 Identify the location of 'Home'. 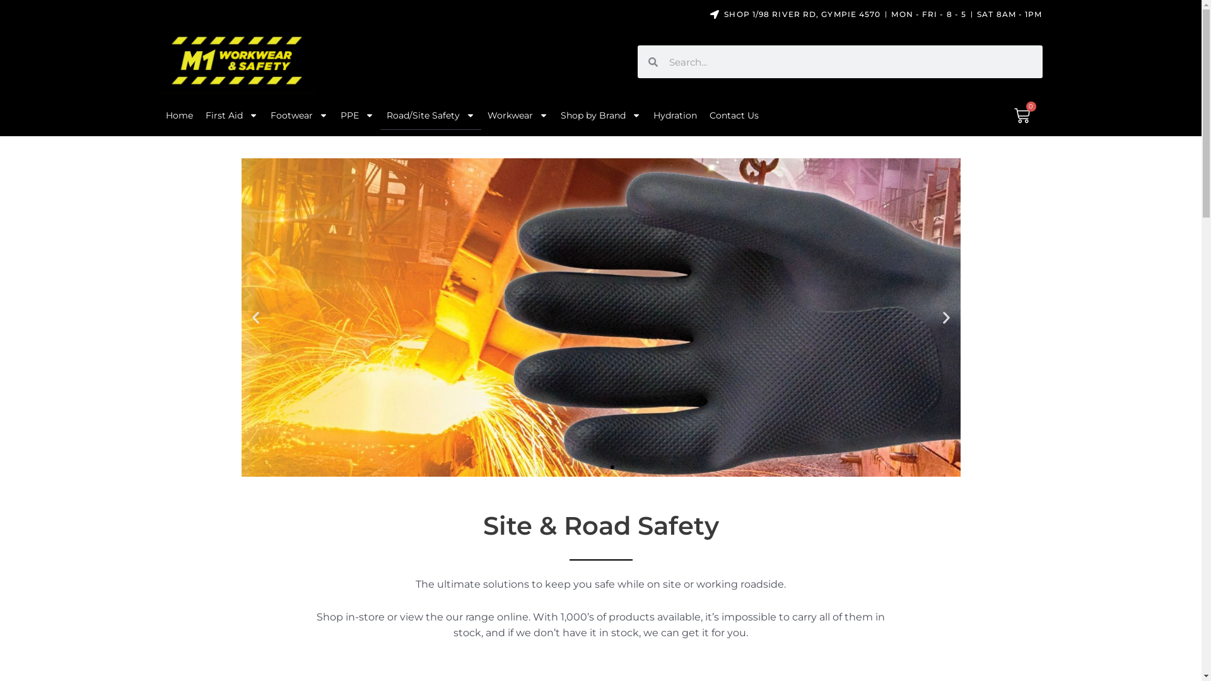
(178, 115).